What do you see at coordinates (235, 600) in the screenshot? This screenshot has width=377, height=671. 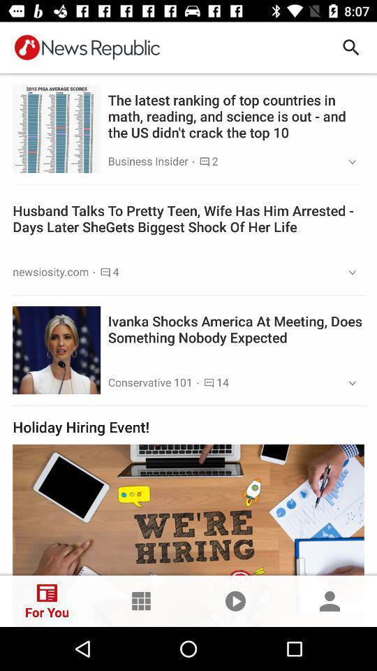 I see `the play icon at the bottom of the page shown before human tag` at bounding box center [235, 600].